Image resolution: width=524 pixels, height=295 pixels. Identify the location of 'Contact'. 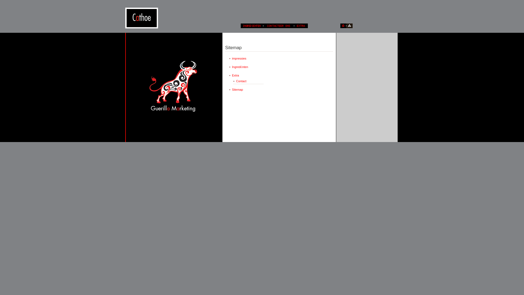
(248, 81).